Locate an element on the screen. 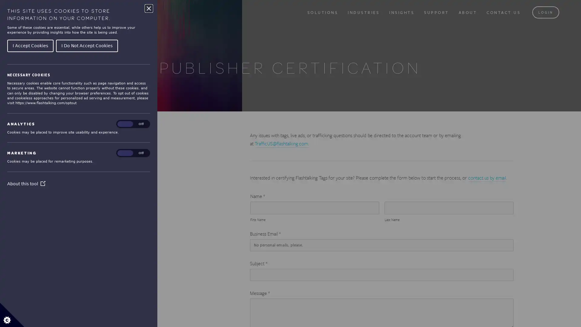 Image resolution: width=581 pixels, height=327 pixels. Close Cookie Control is located at coordinates (149, 8).